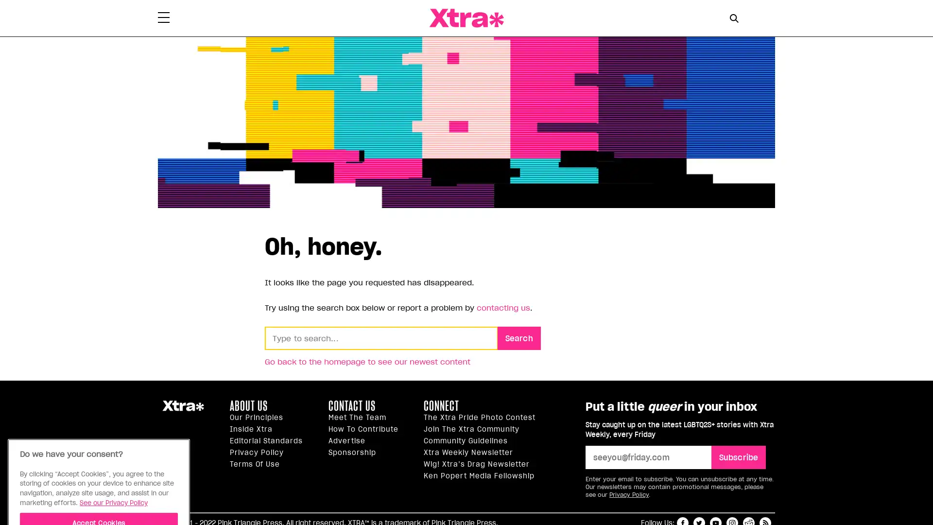 This screenshot has width=933, height=525. Describe the element at coordinates (738, 457) in the screenshot. I see `Subscribe` at that location.